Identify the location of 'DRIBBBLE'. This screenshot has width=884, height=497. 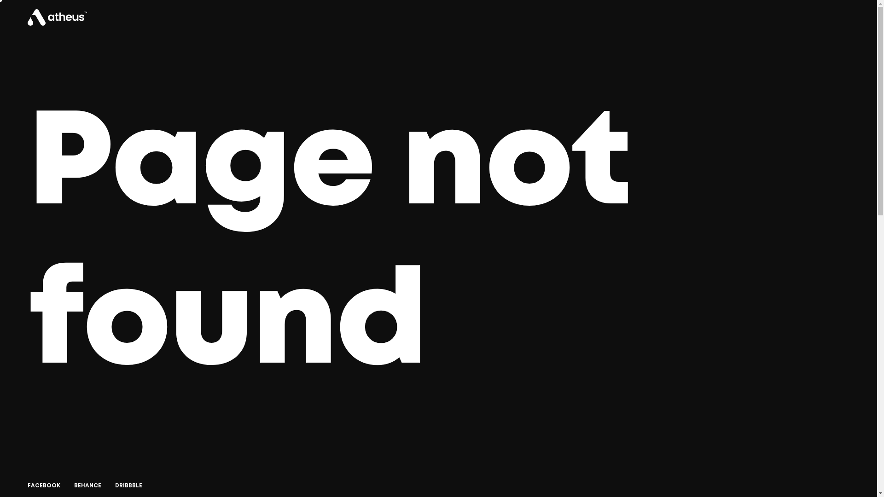
(128, 485).